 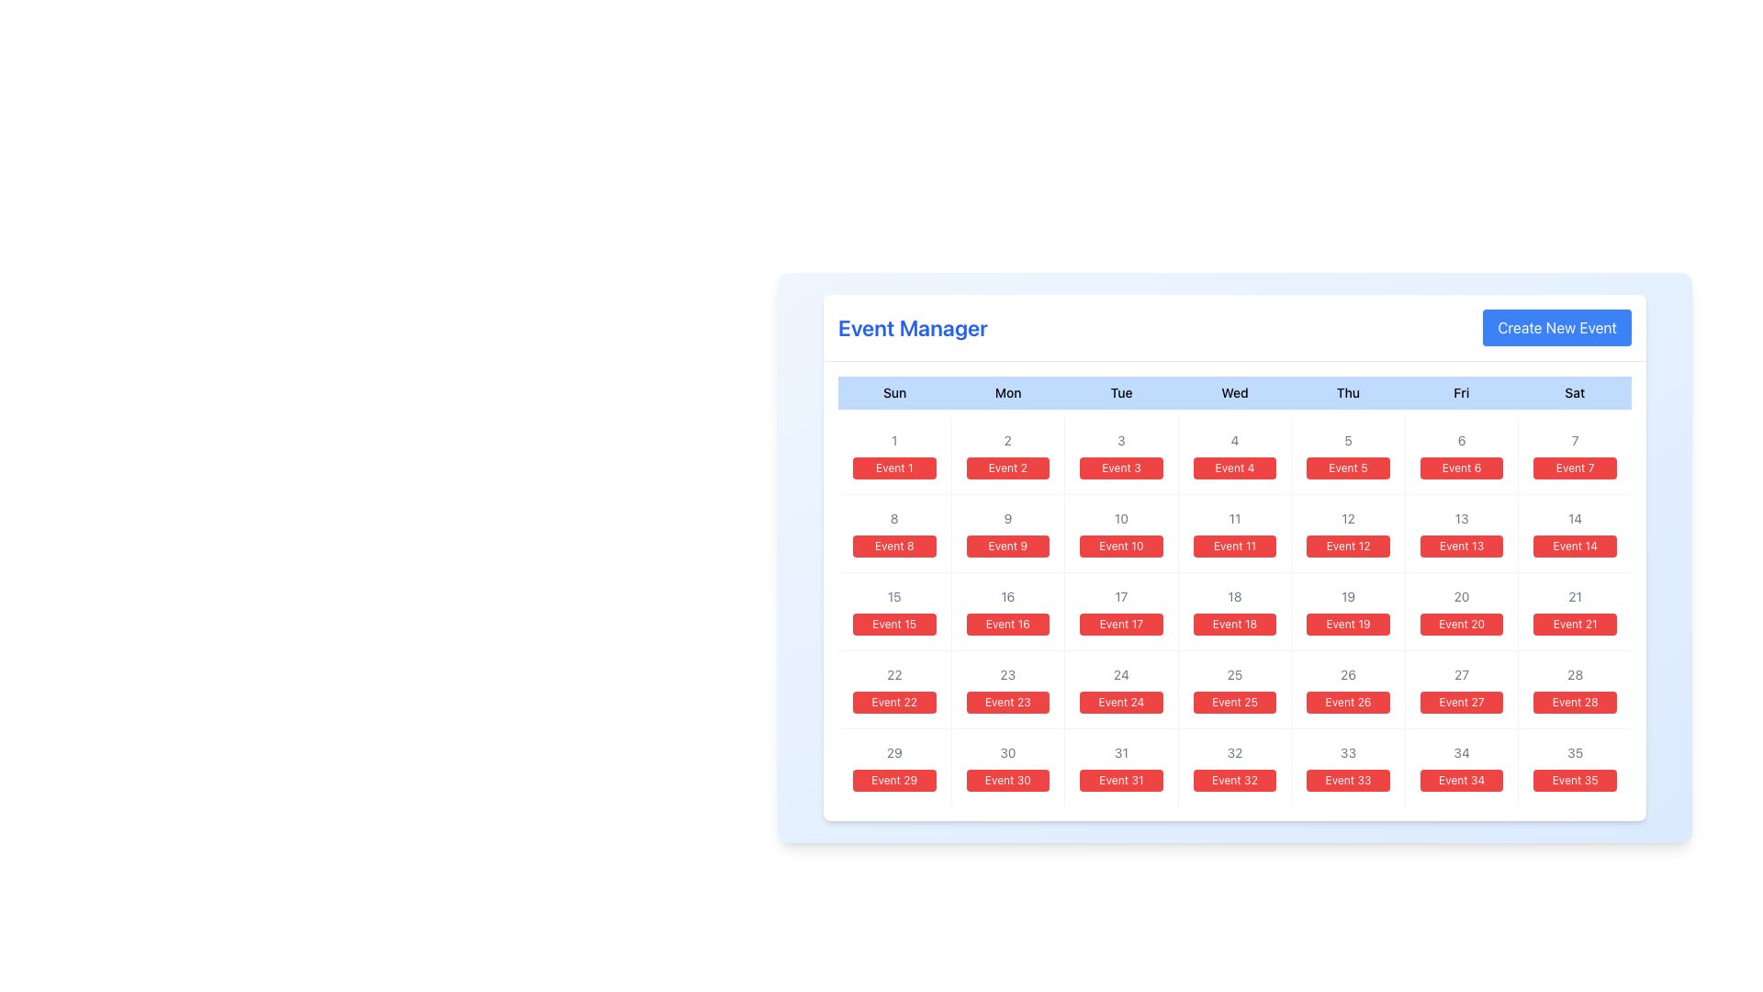 What do you see at coordinates (1461, 690) in the screenshot?
I see `the event element representing the scheduled event for the 27th day, located` at bounding box center [1461, 690].